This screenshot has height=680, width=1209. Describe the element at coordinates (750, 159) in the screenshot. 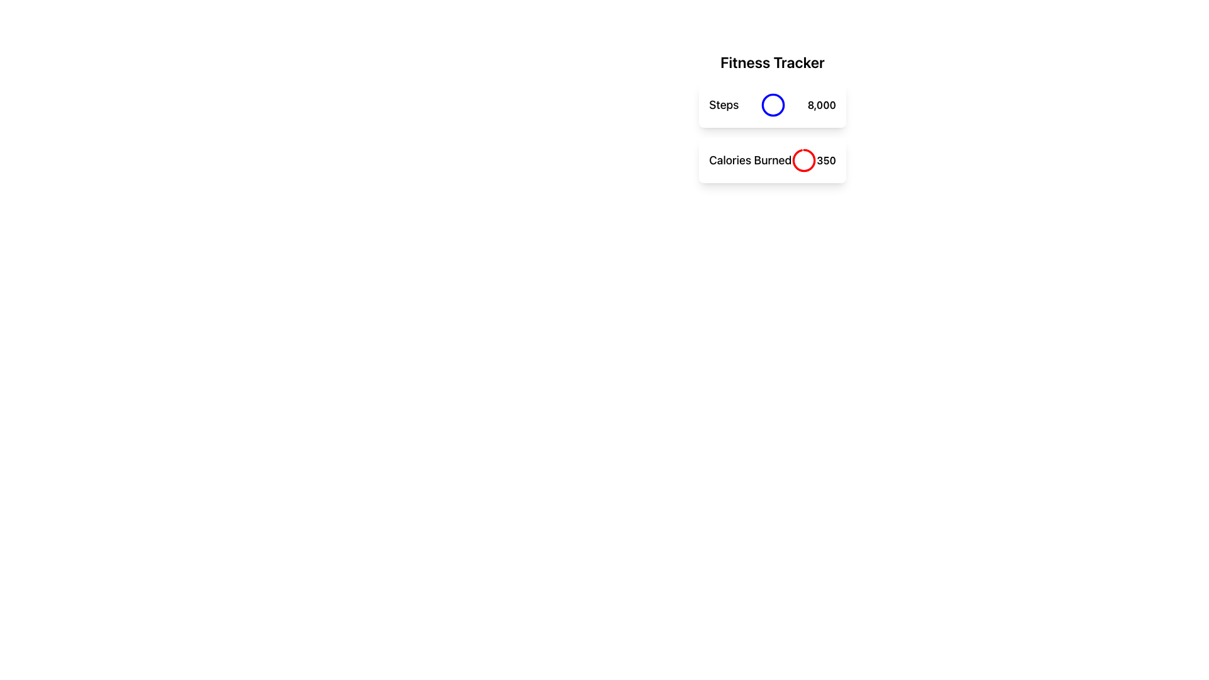

I see `the 'Calories Burned' text label, which is styled with a large, bold font and located within a white card on the left side, towards the bottom right of the interface` at that location.